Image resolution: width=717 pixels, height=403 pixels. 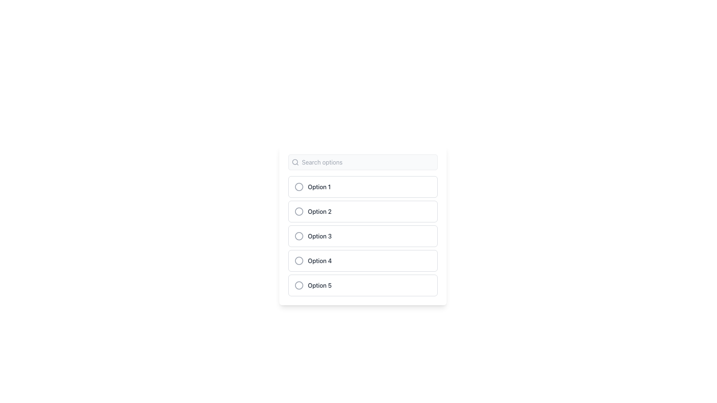 I want to click on the Radio button labeled 'Option 4', so click(x=363, y=260).